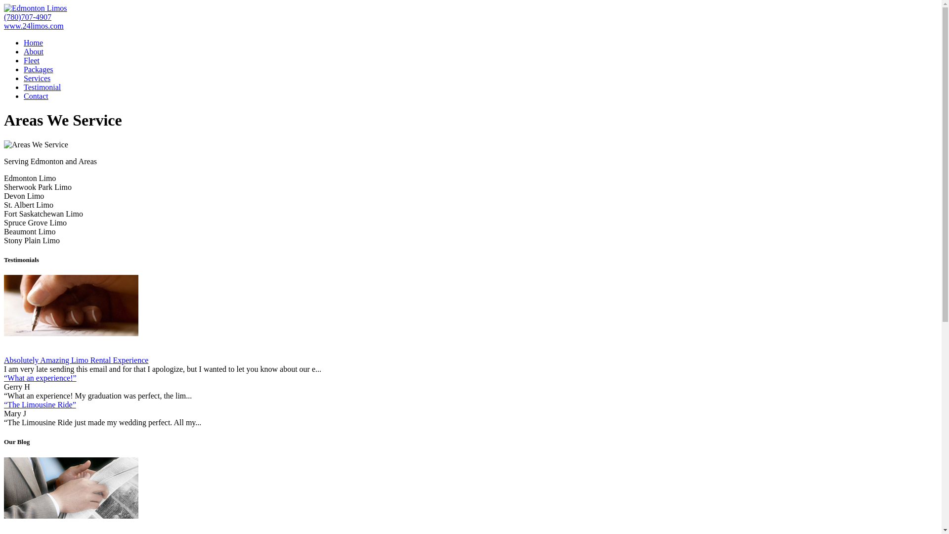  What do you see at coordinates (28, 17) in the screenshot?
I see `'(780)707-4907'` at bounding box center [28, 17].